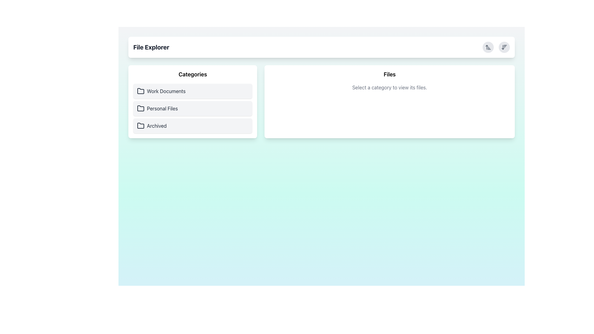  I want to click on the Sort button located in the top right corner of the navigation bar, so click(504, 47).